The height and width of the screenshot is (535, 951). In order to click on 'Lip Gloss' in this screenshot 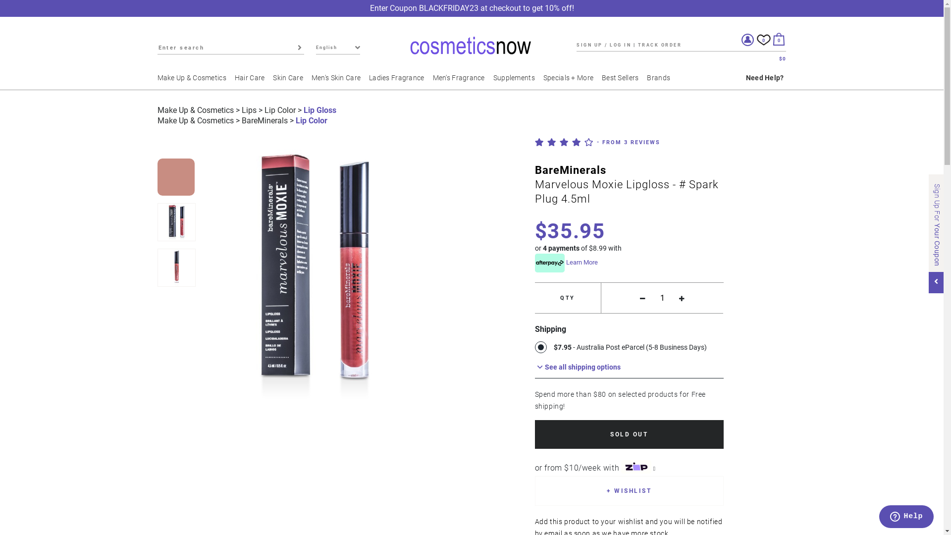, I will do `click(319, 110)`.